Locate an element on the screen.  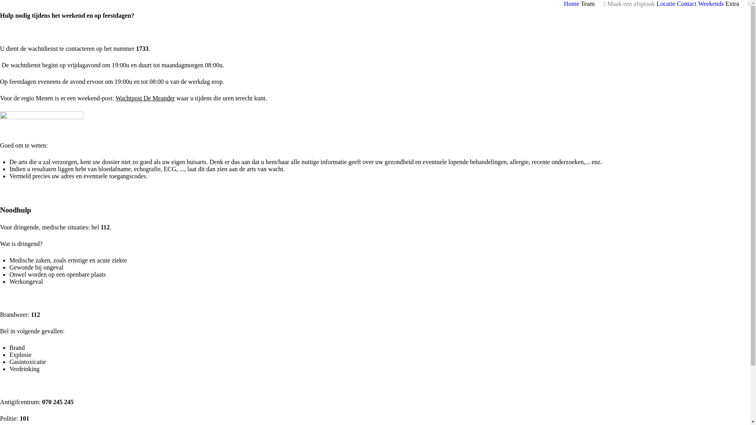
'Locatie' is located at coordinates (665, 4).